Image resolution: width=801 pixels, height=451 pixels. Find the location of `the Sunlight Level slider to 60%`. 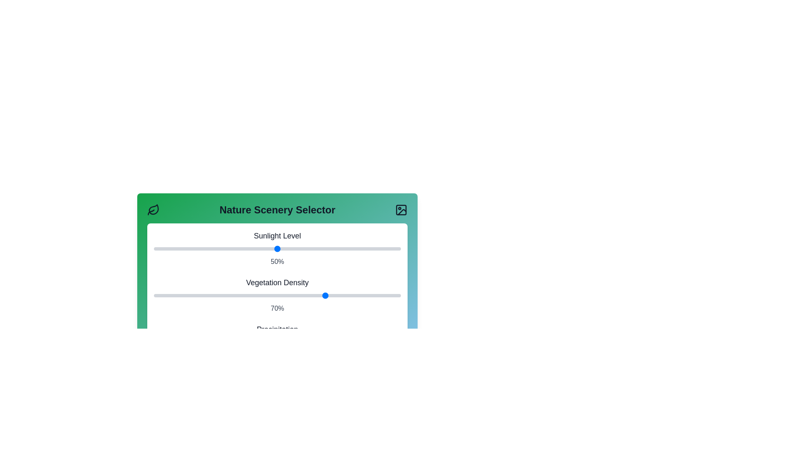

the Sunlight Level slider to 60% is located at coordinates (302, 248).